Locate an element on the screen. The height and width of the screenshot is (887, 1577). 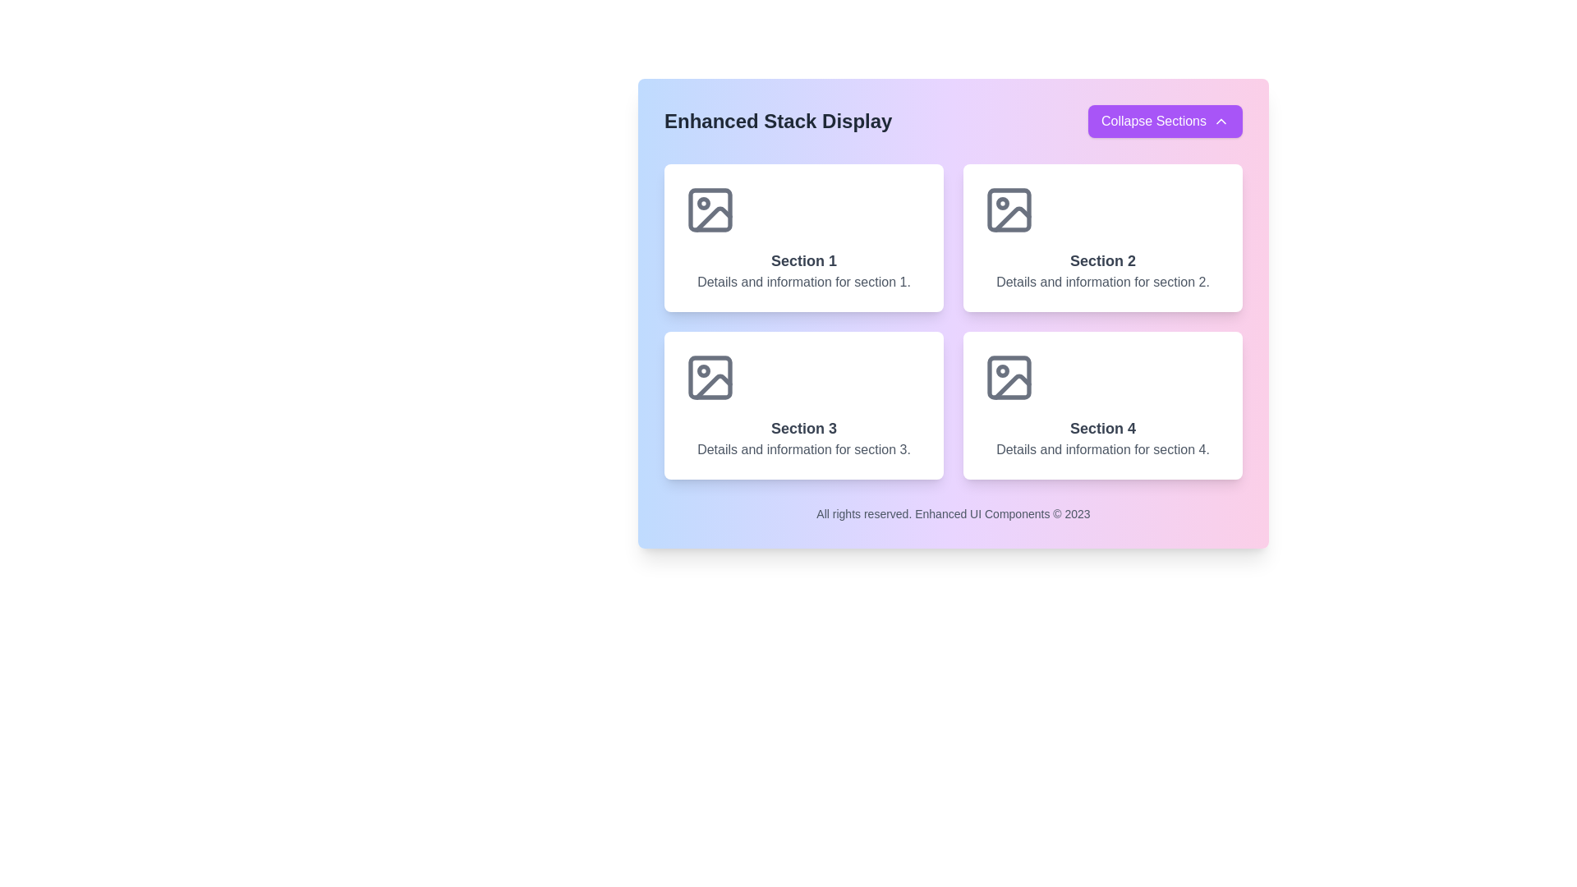
the Image placeholder icon located in the upper-left section of Section 1 is located at coordinates (710, 209).